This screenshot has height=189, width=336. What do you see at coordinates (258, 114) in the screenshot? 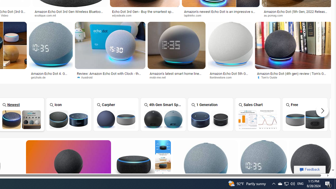
I see `'Sales Chart'` at bounding box center [258, 114].